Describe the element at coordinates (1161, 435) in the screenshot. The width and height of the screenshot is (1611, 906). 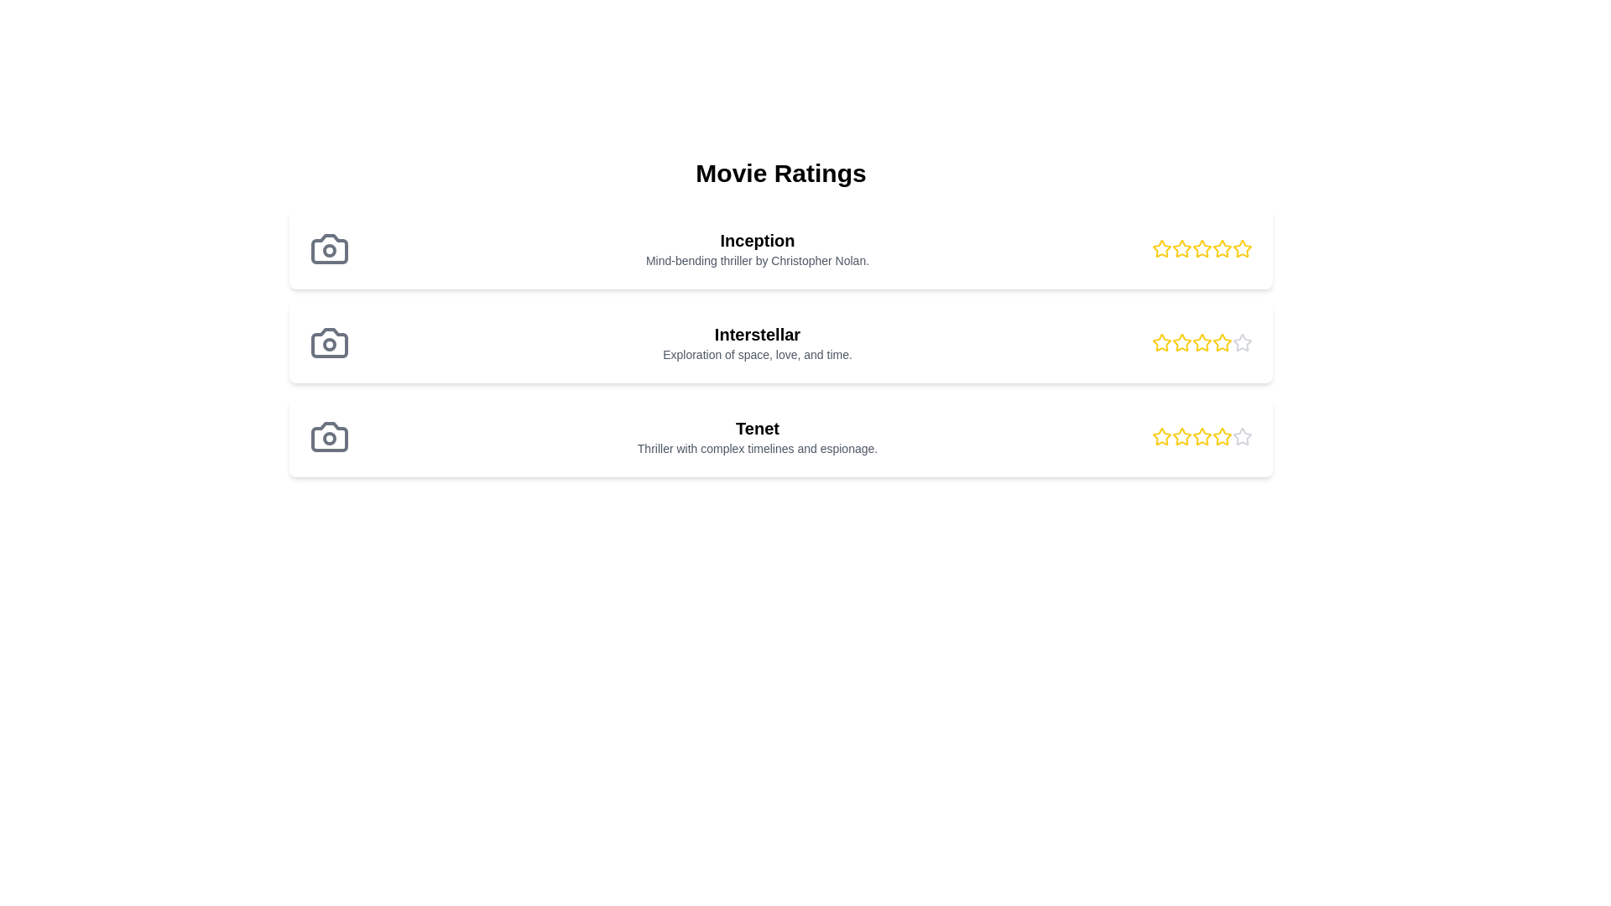
I see `the yellow star-shaped icon, which is the third star in a row of five stars next` at that location.